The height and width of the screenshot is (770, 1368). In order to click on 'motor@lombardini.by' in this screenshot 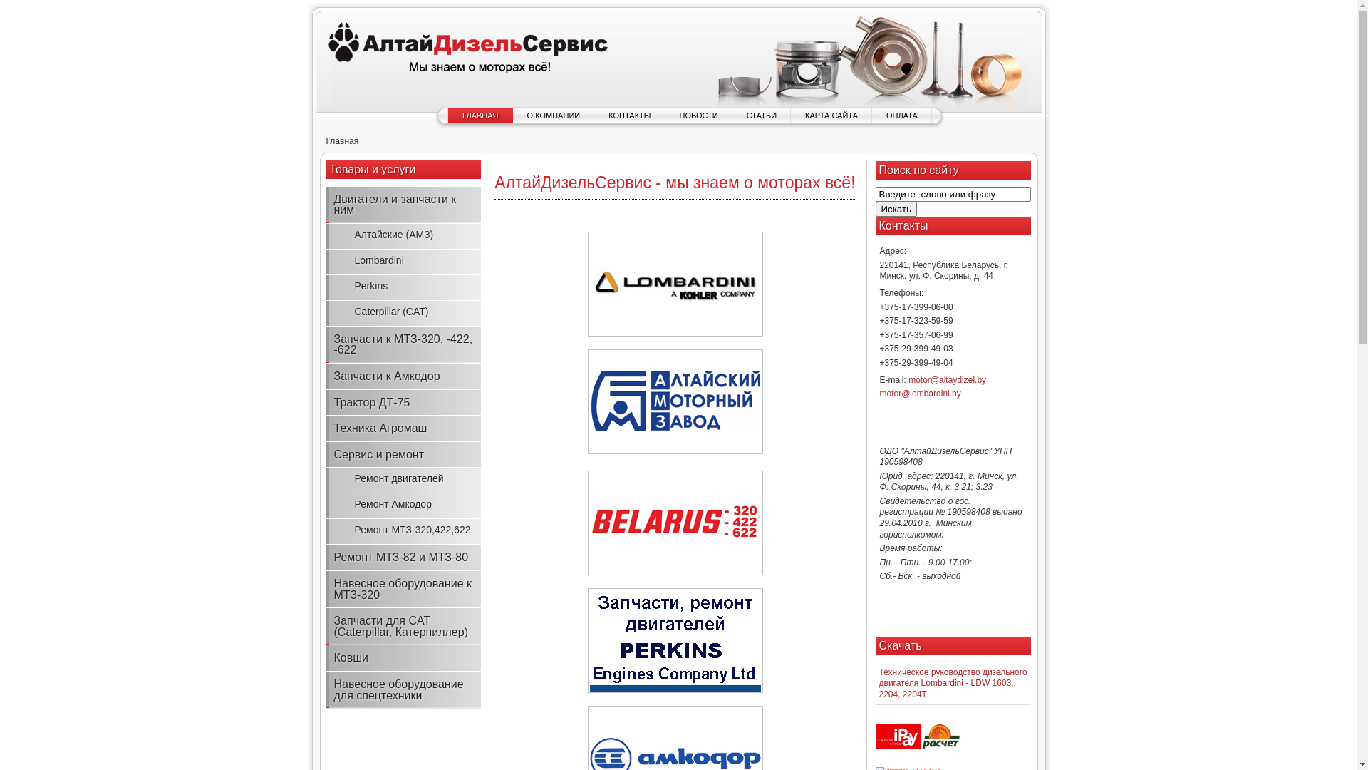, I will do `click(920, 393)`.